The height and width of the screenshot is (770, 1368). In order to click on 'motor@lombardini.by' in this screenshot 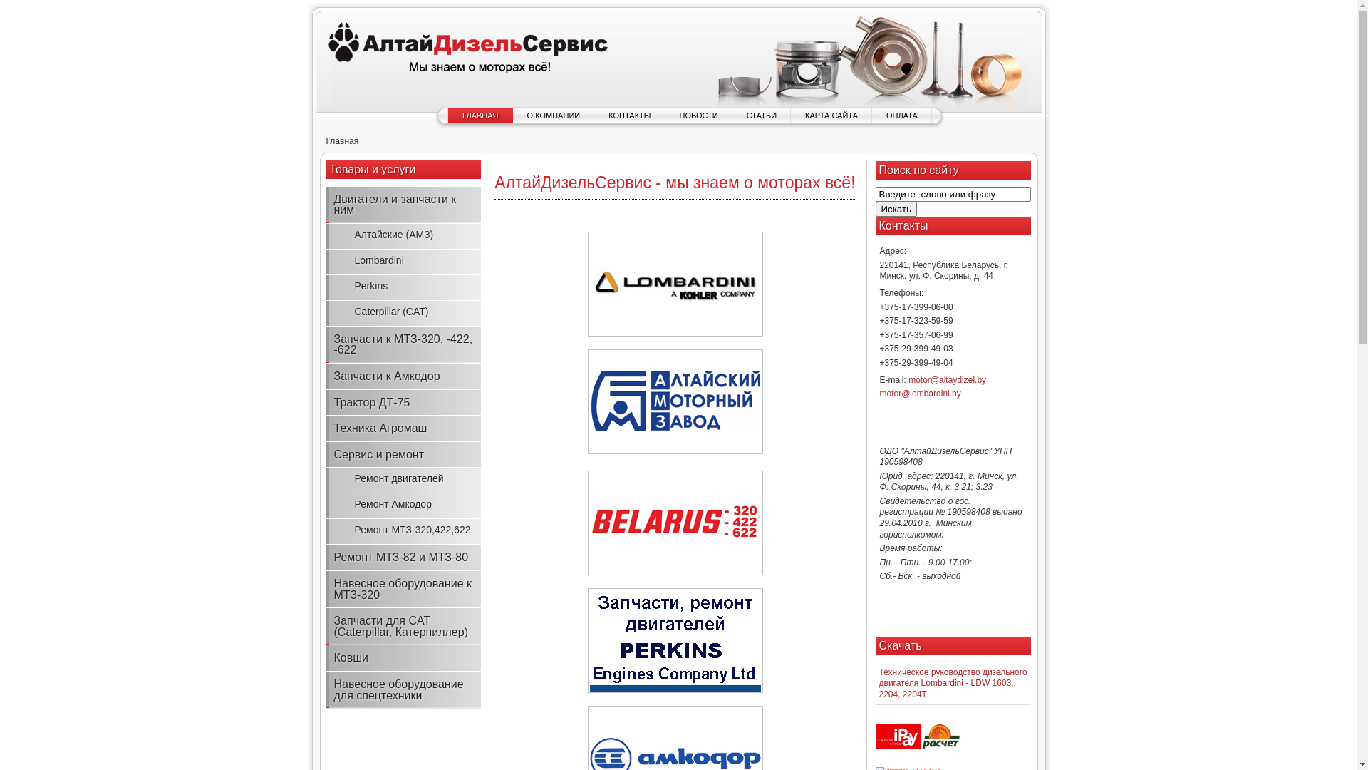, I will do `click(920, 393)`.